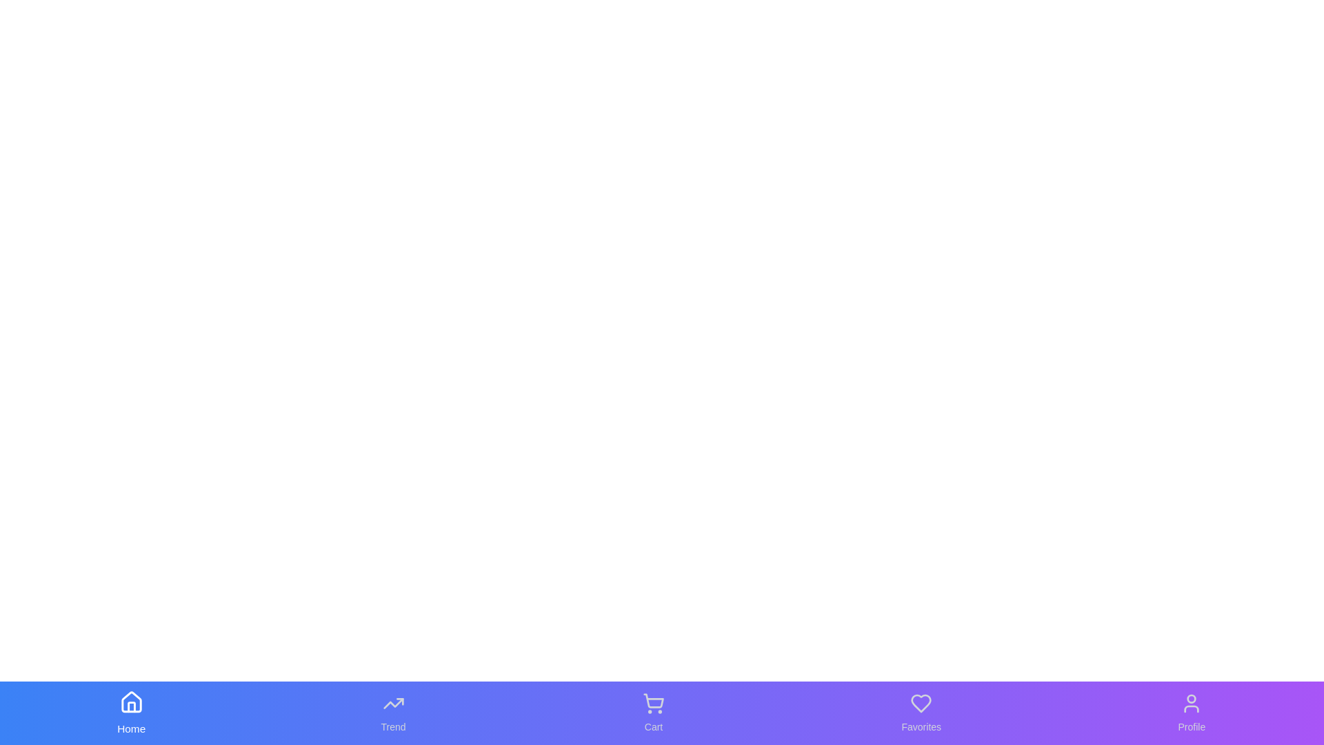 The image size is (1324, 745). What do you see at coordinates (1191, 713) in the screenshot?
I see `the Profile tab in the bottom navigation bar` at bounding box center [1191, 713].